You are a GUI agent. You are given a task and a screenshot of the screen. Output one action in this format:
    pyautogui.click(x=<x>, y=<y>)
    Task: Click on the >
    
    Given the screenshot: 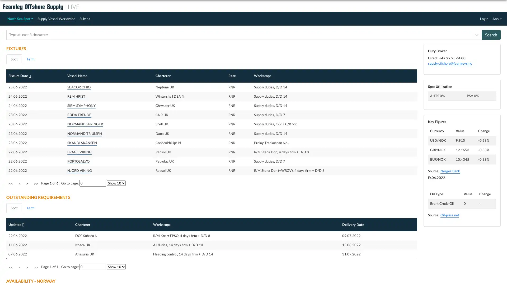 What is the action you would take?
    pyautogui.click(x=27, y=267)
    